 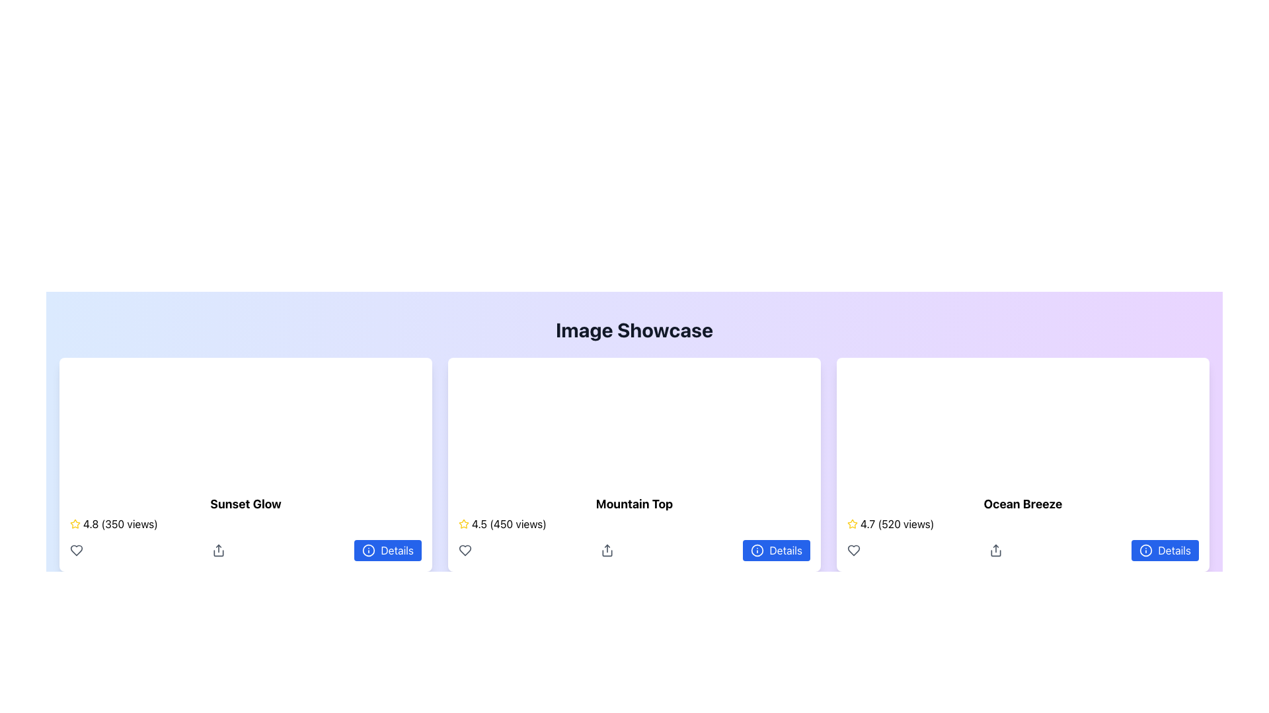 I want to click on the 'Details' button located at the bottom-right corner of the 'Ocean Breeze' item card, so click(x=1165, y=550).